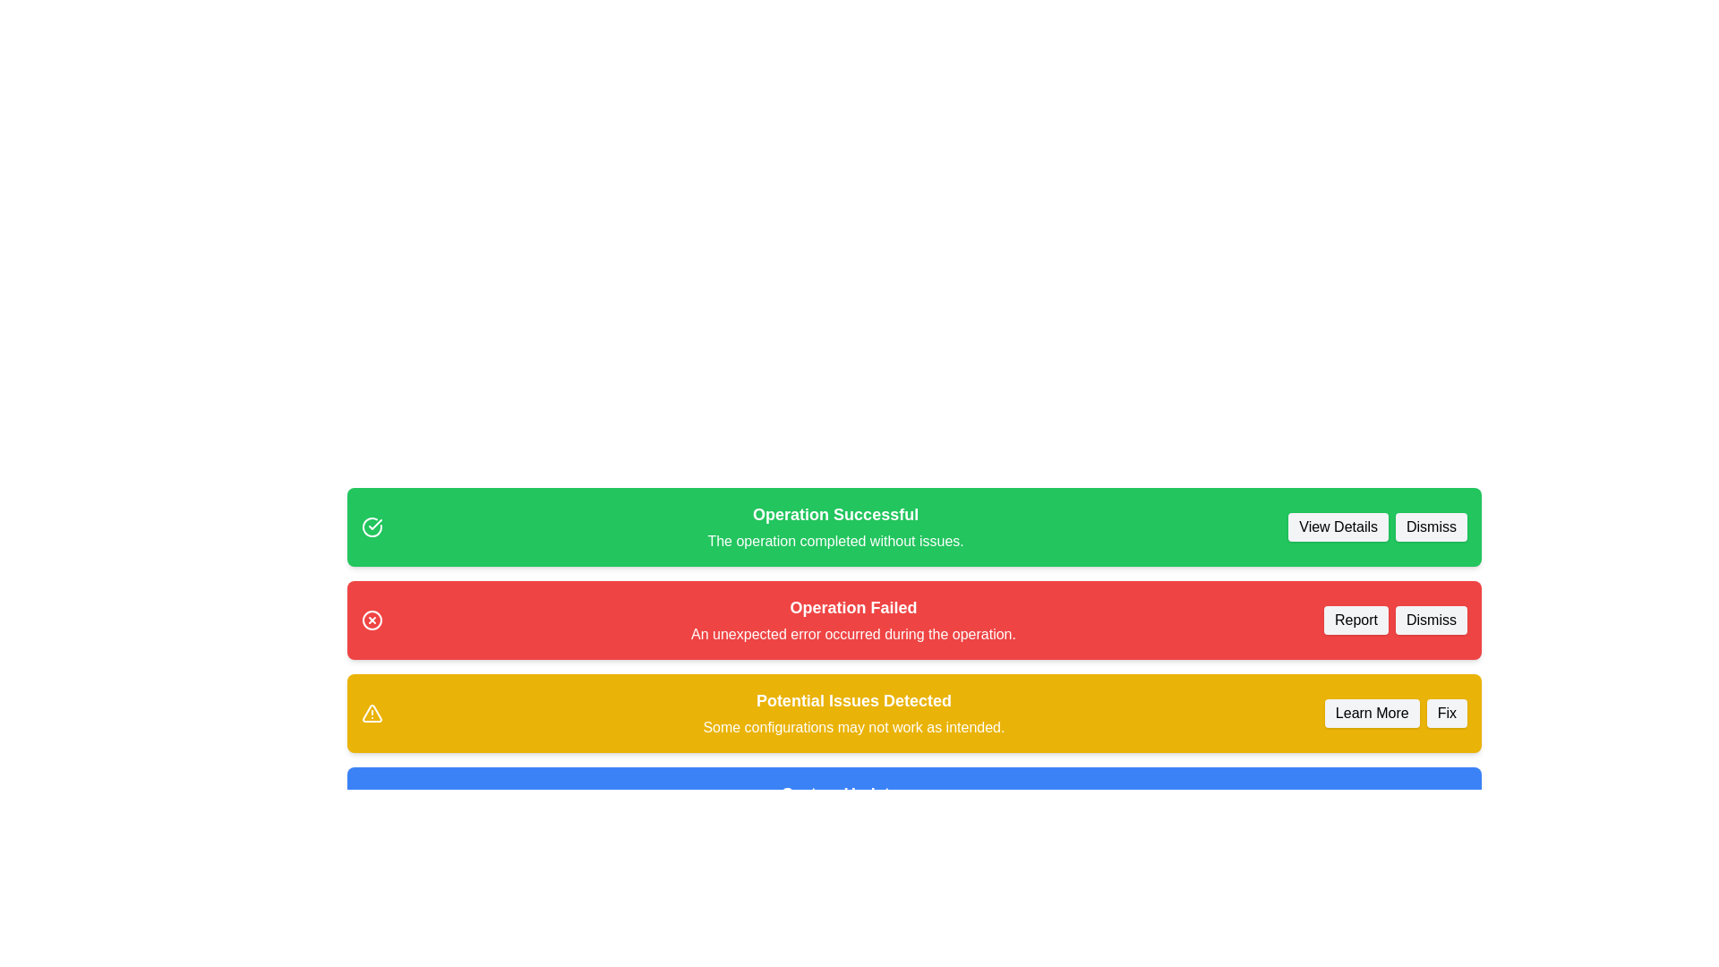  What do you see at coordinates (372, 713) in the screenshot?
I see `the triangular warning icon outlined in yellow, which is located to the left of the text 'Potential Issues Detected' in the yellow notification bar` at bounding box center [372, 713].